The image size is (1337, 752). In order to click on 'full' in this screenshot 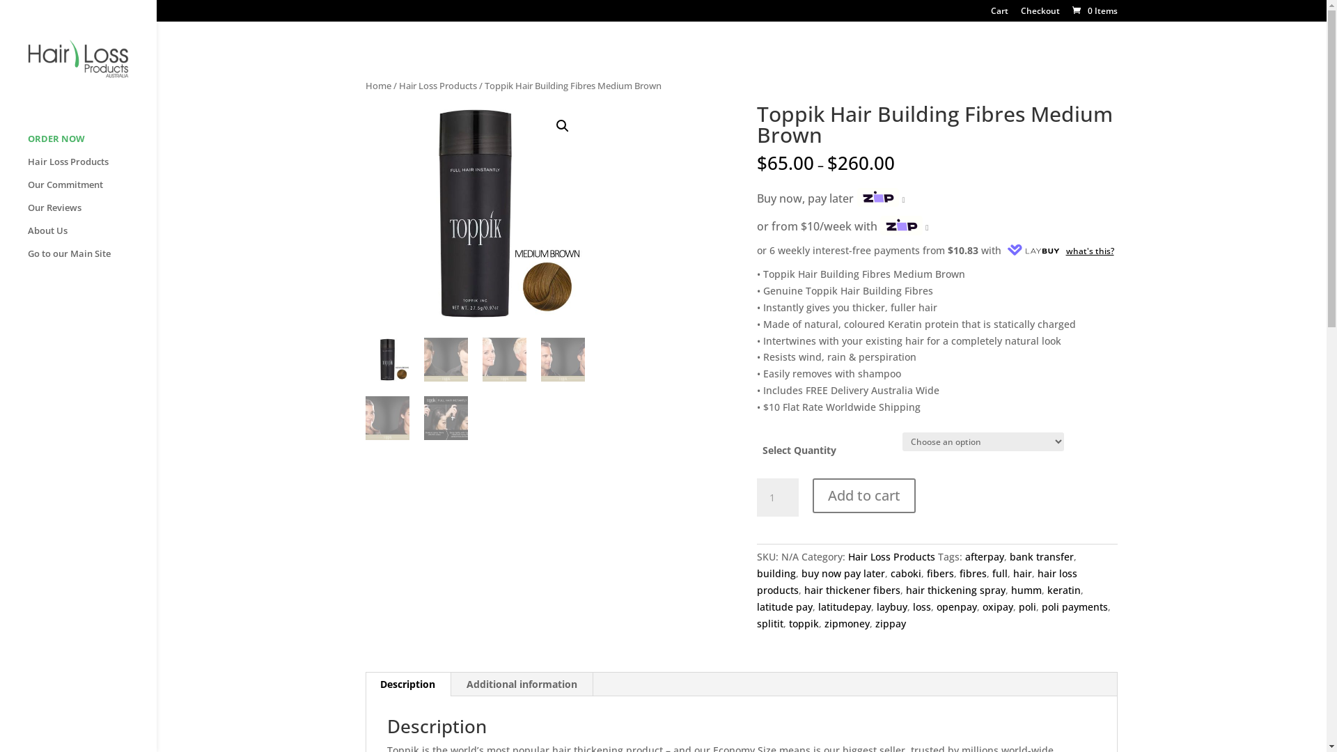, I will do `click(992, 573)`.